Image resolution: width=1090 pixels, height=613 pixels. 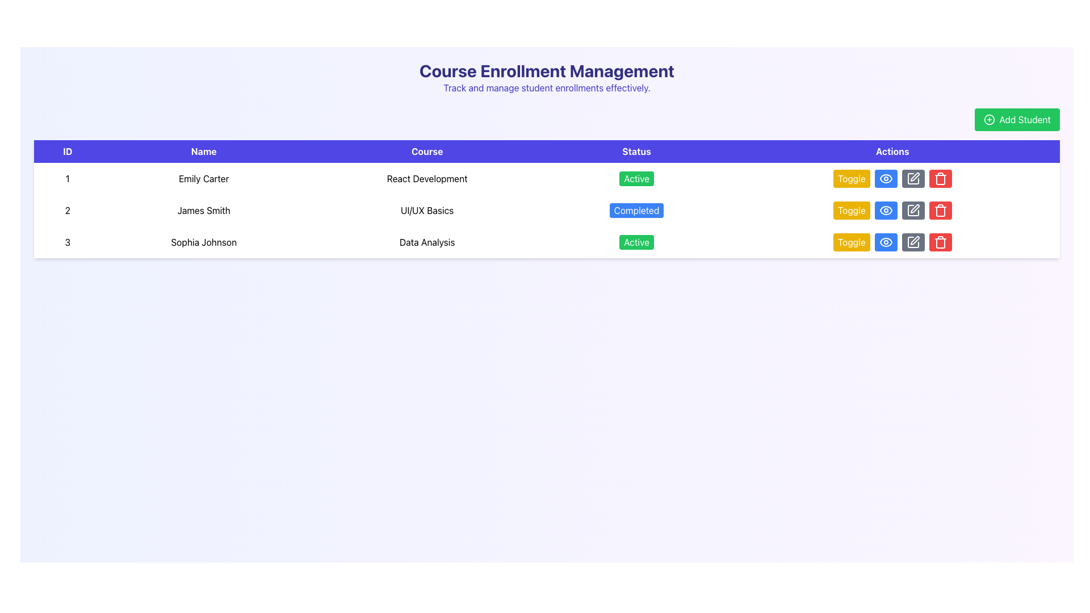 What do you see at coordinates (67, 150) in the screenshot?
I see `the first Table Header Cell that indicates ID values, located at the far-left of the table` at bounding box center [67, 150].